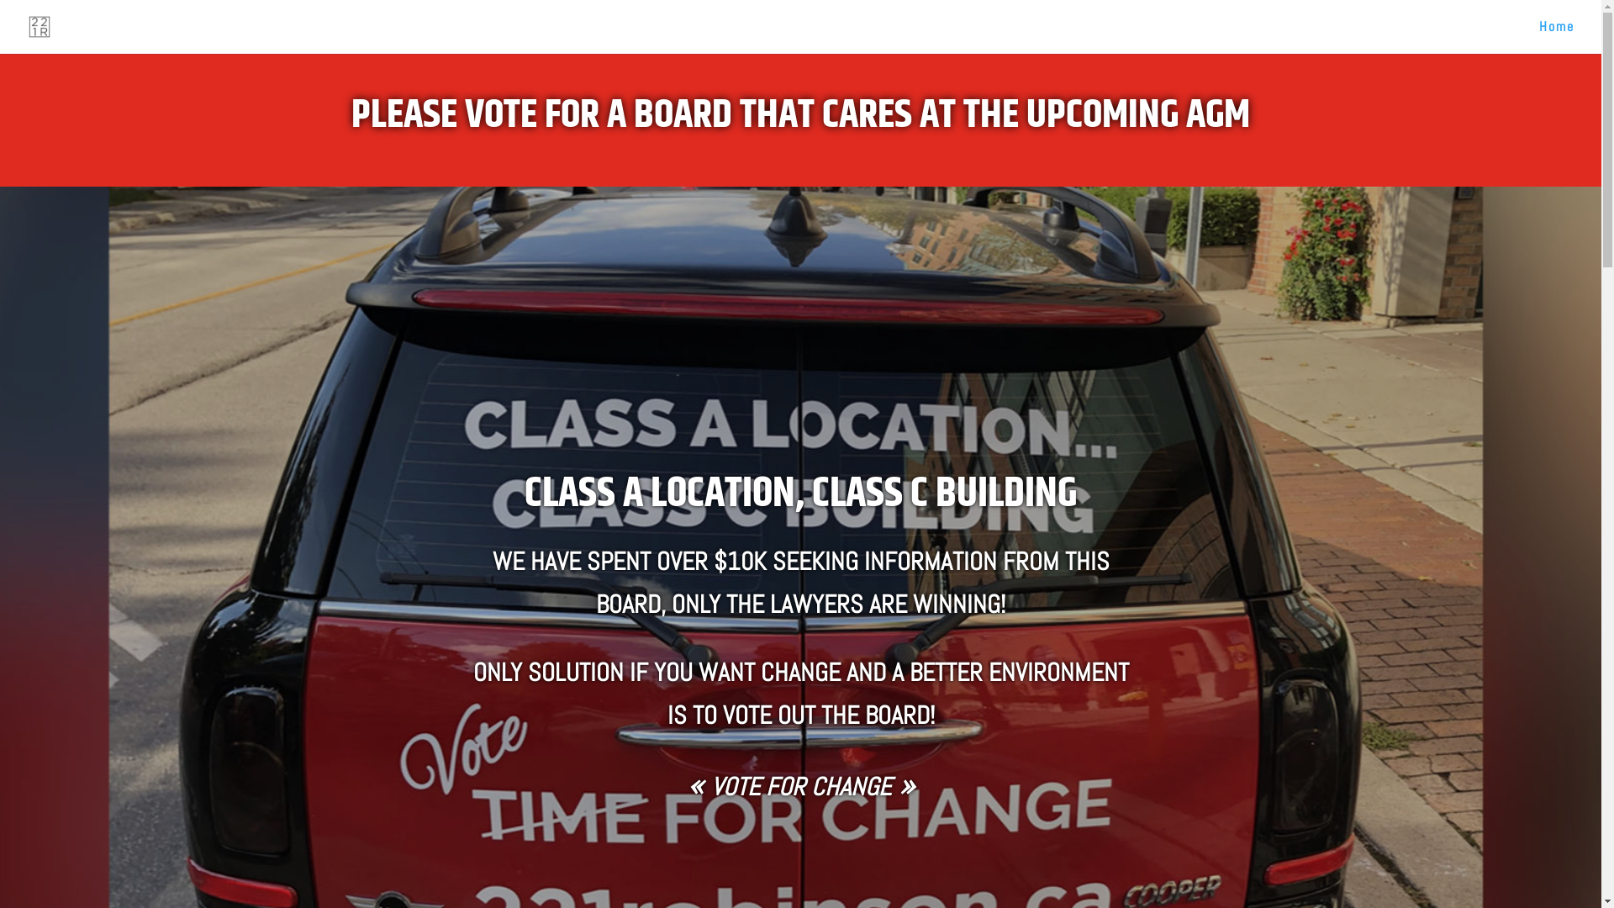  What do you see at coordinates (1556, 37) in the screenshot?
I see `'Home'` at bounding box center [1556, 37].